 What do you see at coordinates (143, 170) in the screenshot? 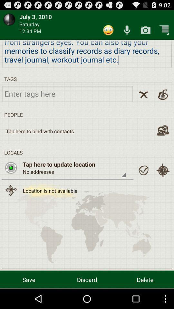
I see `mark as done` at bounding box center [143, 170].